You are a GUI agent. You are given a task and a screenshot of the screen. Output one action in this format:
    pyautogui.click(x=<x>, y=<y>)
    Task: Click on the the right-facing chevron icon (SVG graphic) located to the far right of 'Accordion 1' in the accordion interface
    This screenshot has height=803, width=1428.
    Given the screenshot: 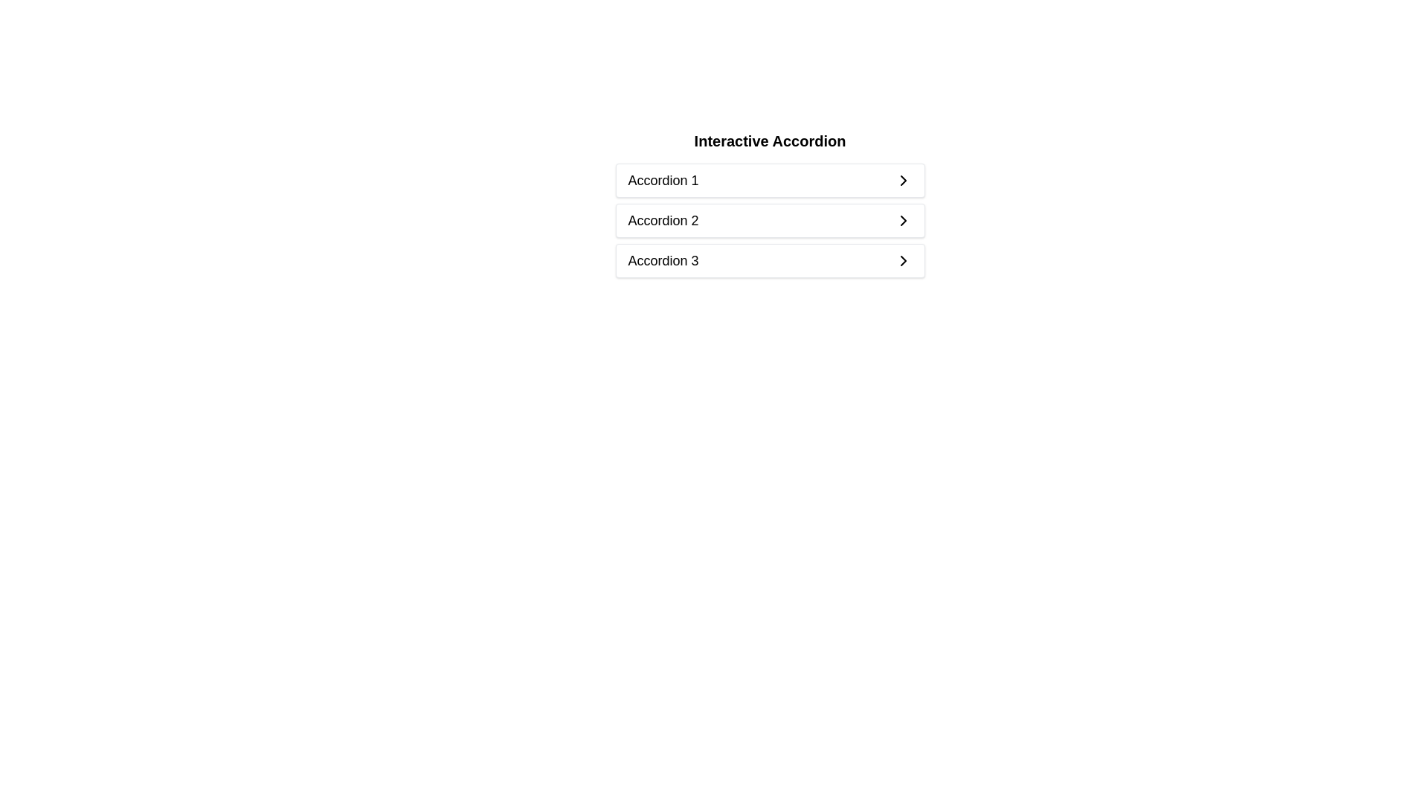 What is the action you would take?
    pyautogui.click(x=902, y=180)
    